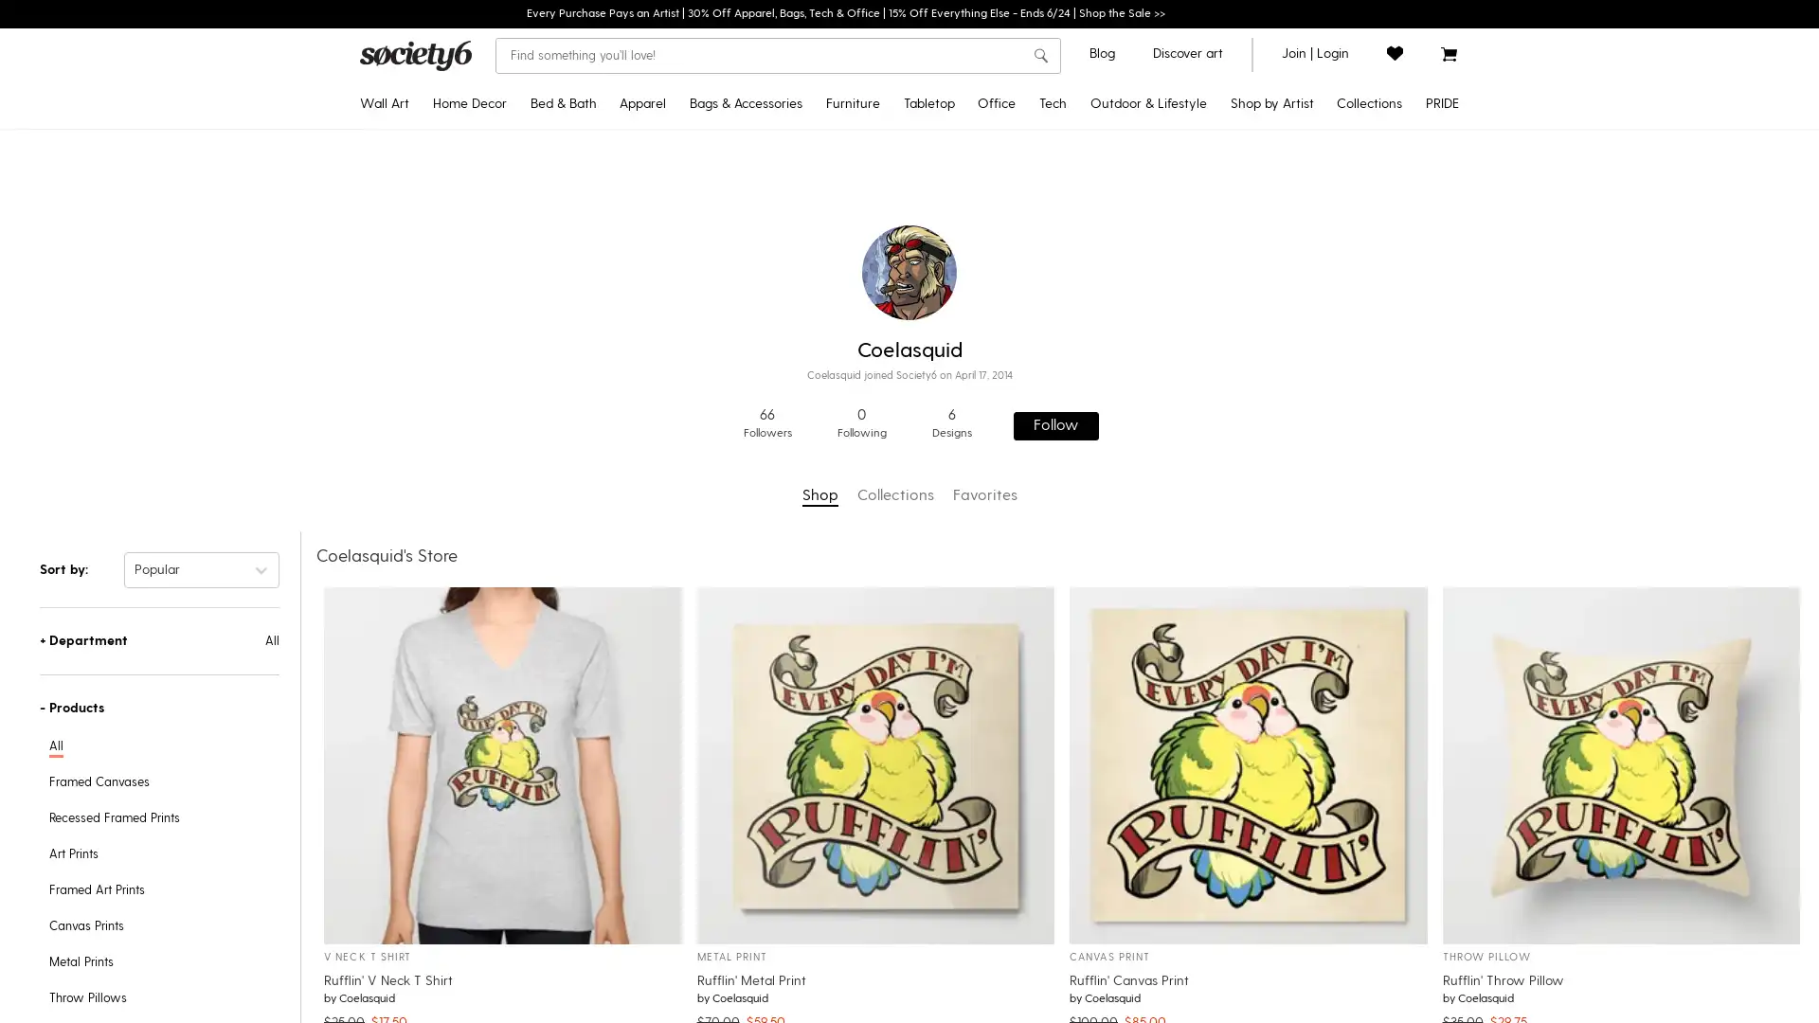  I want to click on Stickers, so click(1043, 183).